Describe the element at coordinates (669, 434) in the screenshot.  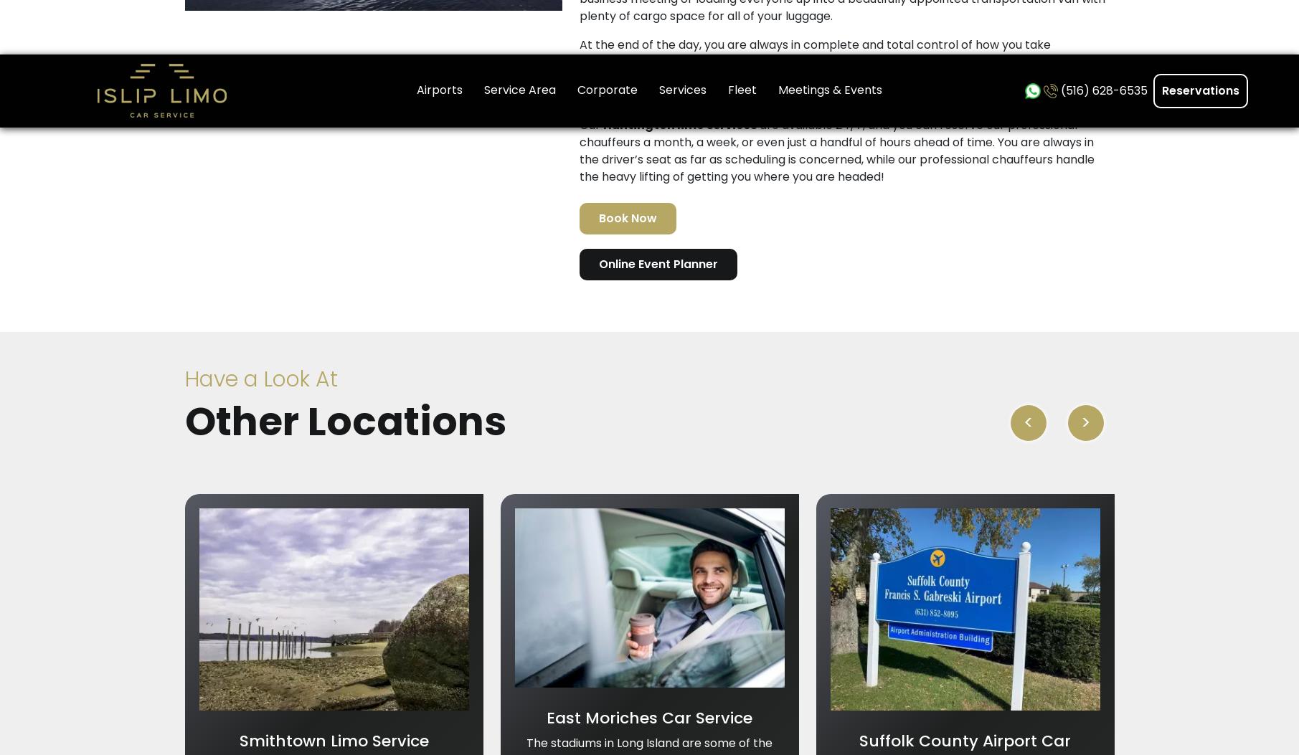
I see `'Blog'` at that location.